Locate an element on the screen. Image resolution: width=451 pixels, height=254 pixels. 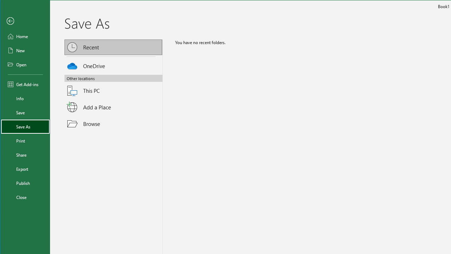
'Save As' is located at coordinates (25, 126).